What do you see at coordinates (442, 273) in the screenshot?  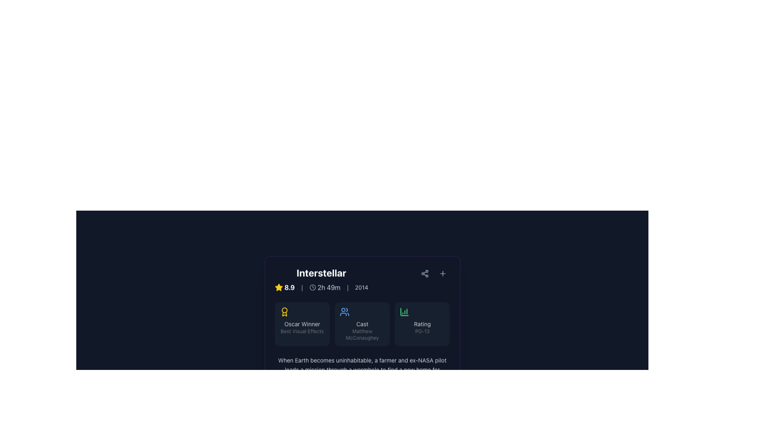 I see `the action button located in the top-right corner of the movie information card for 'Interstellar'` at bounding box center [442, 273].